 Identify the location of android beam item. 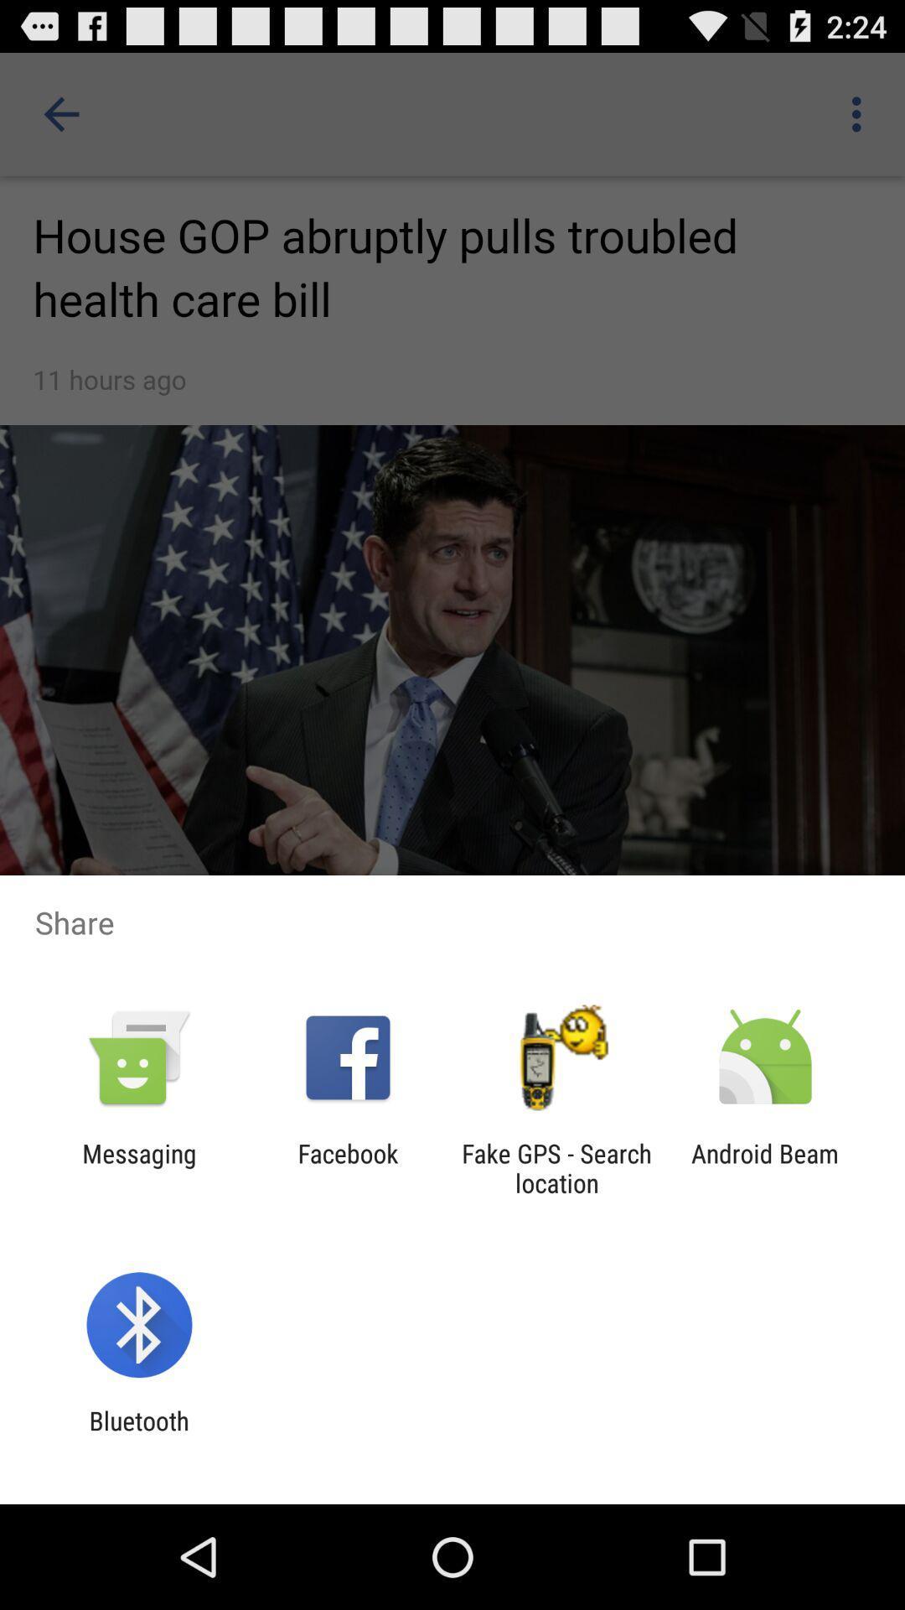
(765, 1167).